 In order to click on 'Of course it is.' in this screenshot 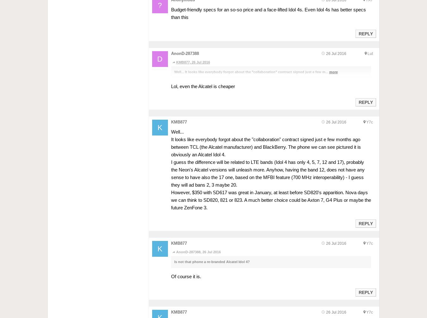, I will do `click(186, 276)`.